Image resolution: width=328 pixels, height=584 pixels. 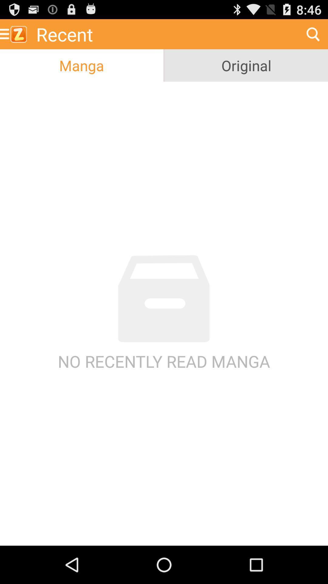 What do you see at coordinates (15, 34) in the screenshot?
I see `the app next to recent item` at bounding box center [15, 34].